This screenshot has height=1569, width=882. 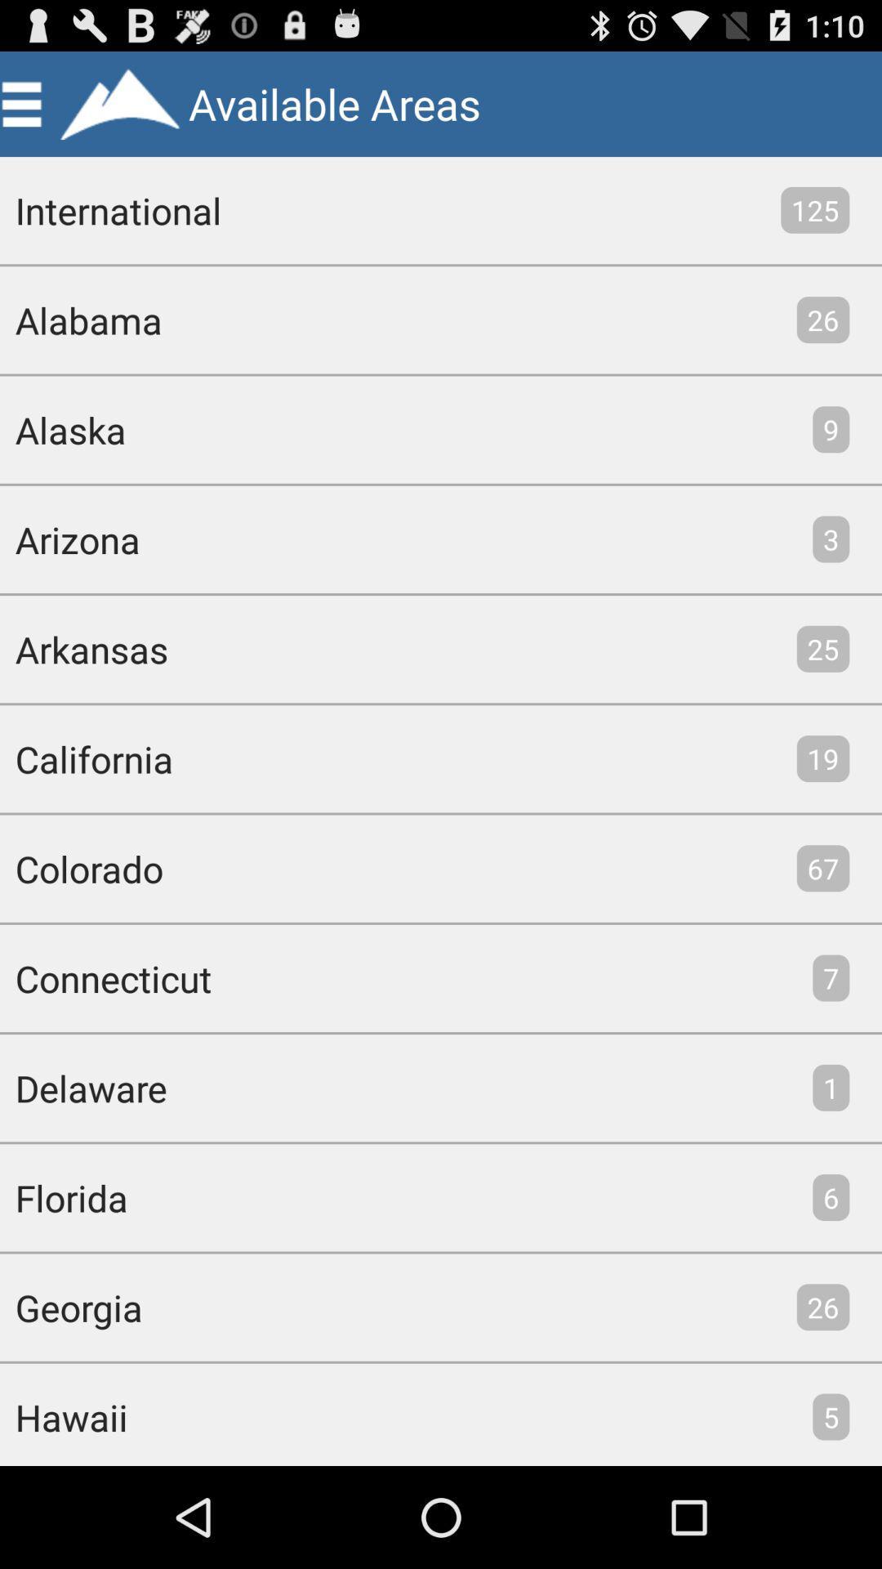 I want to click on icon below the california item, so click(x=82, y=868).